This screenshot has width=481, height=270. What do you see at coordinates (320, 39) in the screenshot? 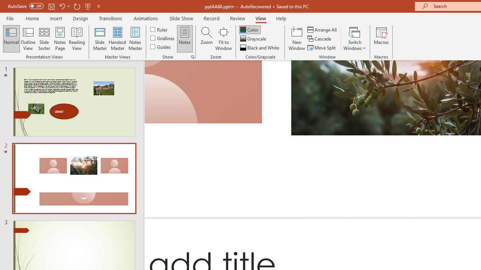
I see `'Cascade'` at bounding box center [320, 39].